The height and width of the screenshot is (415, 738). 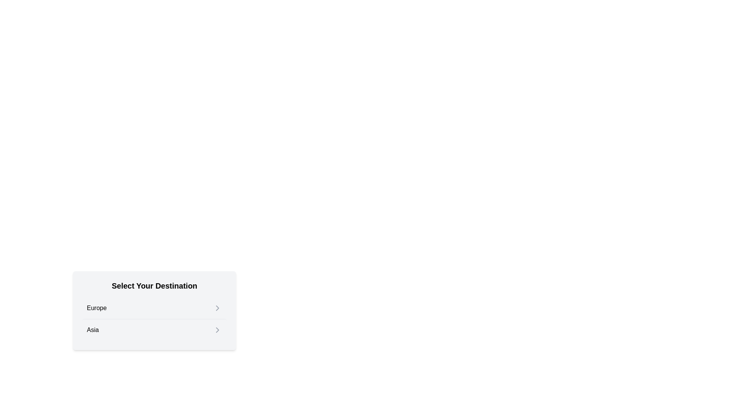 I want to click on the first list item representing the 'Europe' category, so click(x=154, y=308).